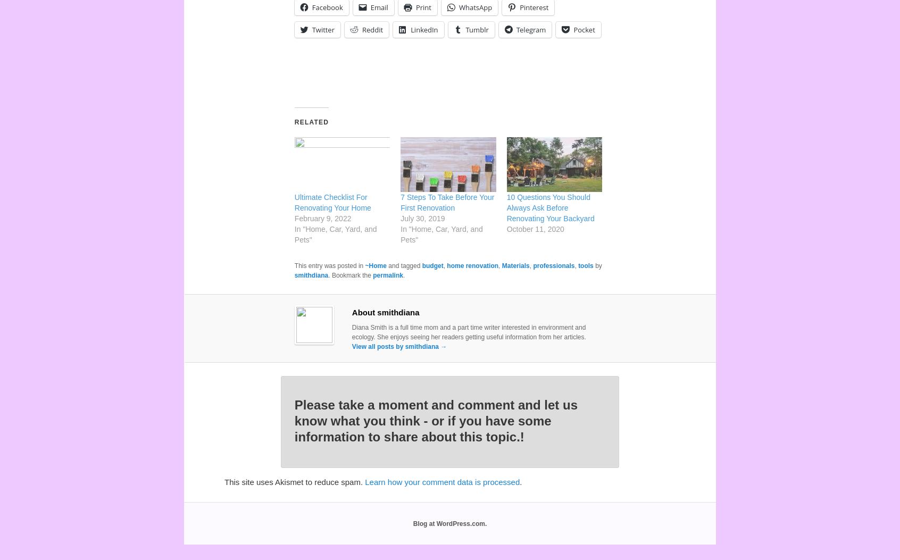 This screenshot has width=900, height=560. What do you see at coordinates (436, 421) in the screenshot?
I see `'Please take a moment and comment and let us know what you think - or if you have some information to share about this topic.!'` at bounding box center [436, 421].